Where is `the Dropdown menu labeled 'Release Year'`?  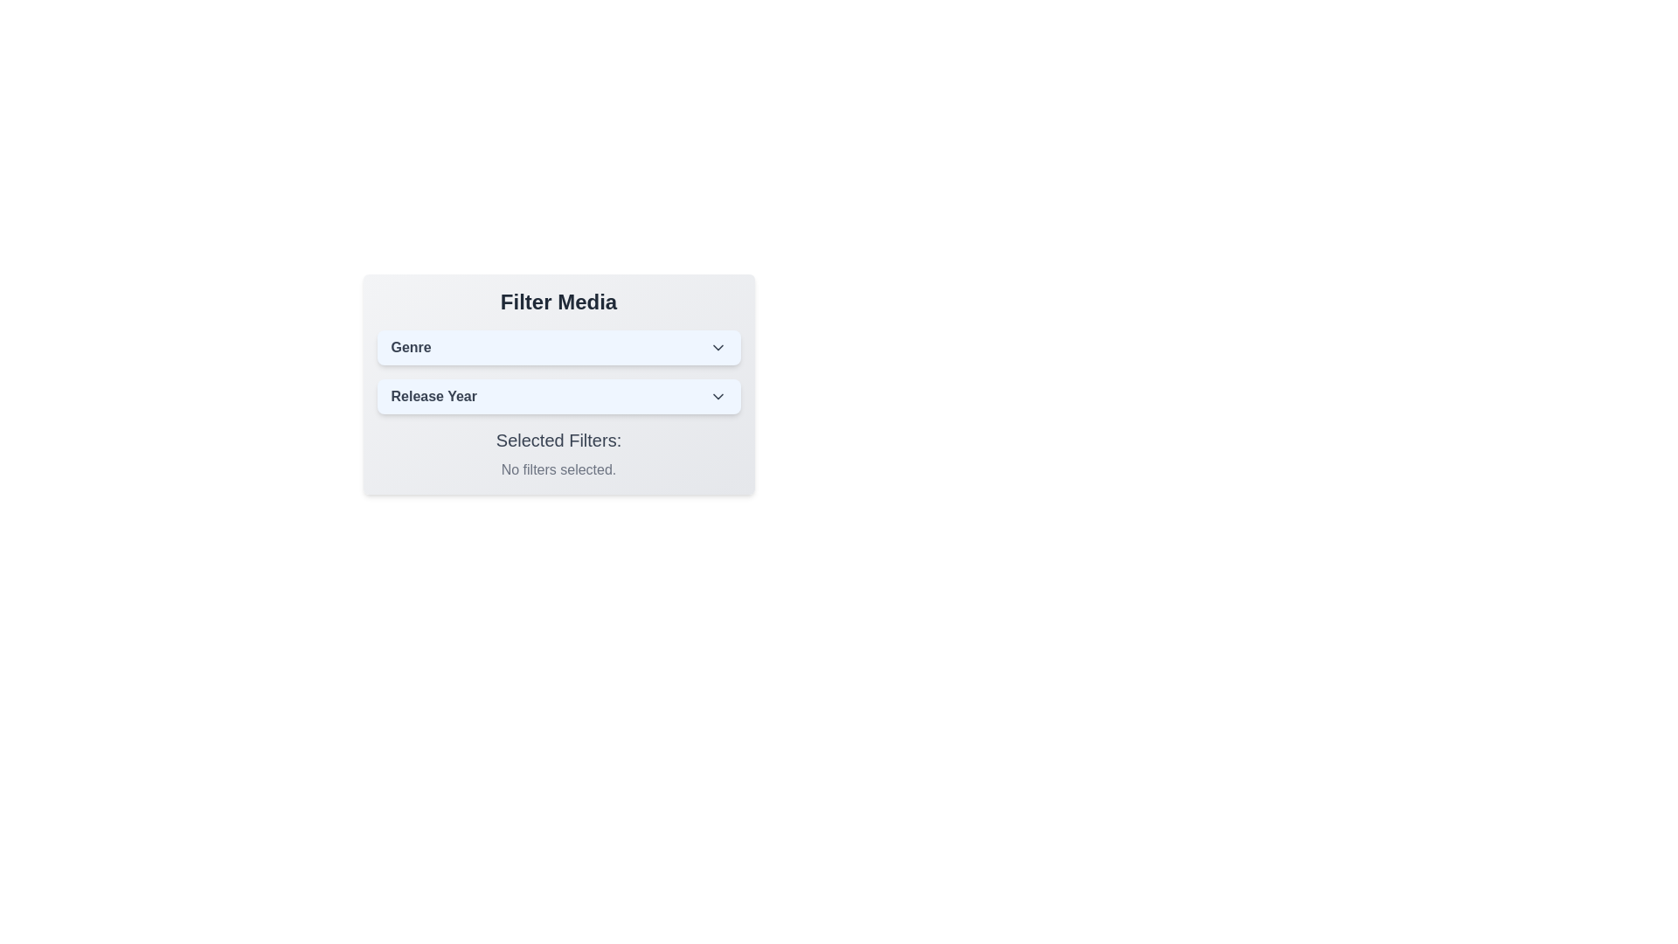
the Dropdown menu labeled 'Release Year' is located at coordinates (558, 397).